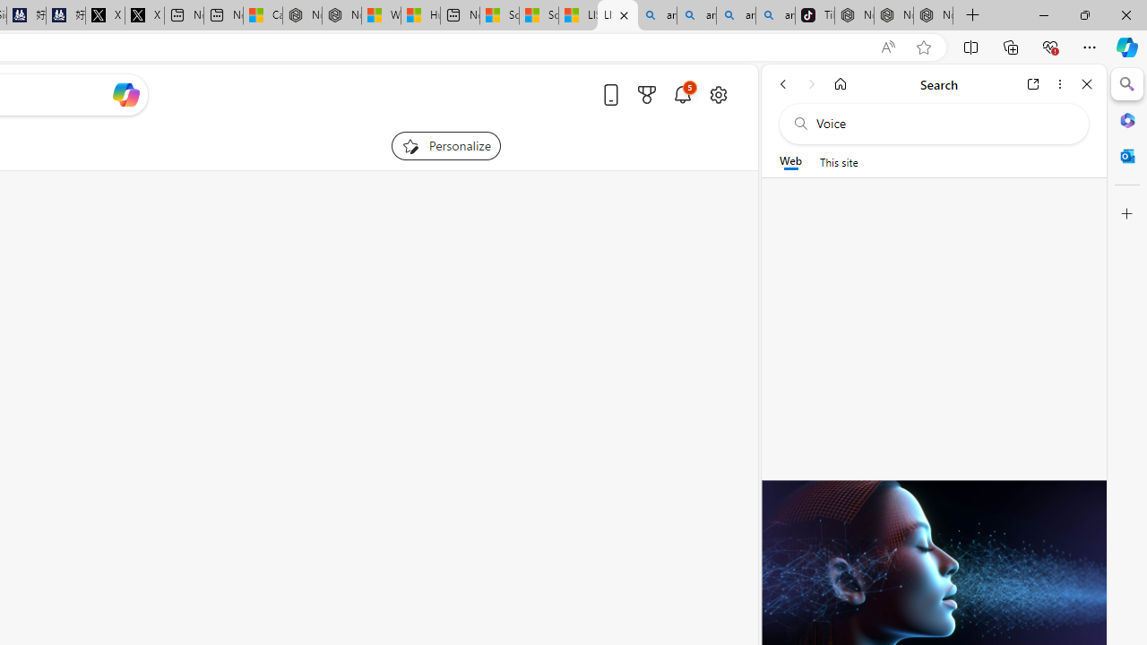 Image resolution: width=1147 pixels, height=645 pixels. I want to click on 'Wildlife - MSN', so click(380, 15).